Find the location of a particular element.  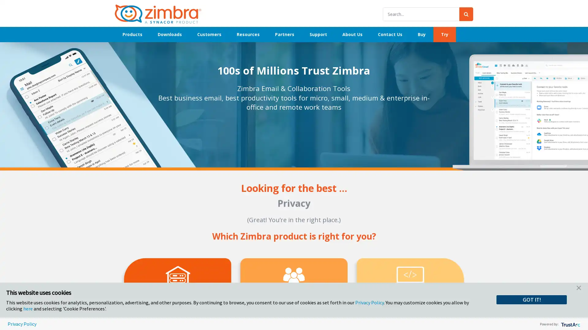

Search is located at coordinates (466, 14).